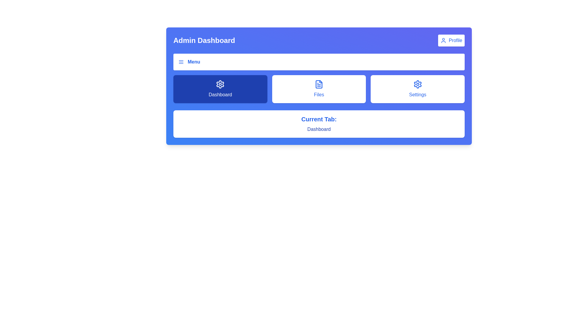 The height and width of the screenshot is (322, 573). I want to click on the 'Settings' button, which is a rectangular button with rounded corners, white background, and blue text below a blue gear icon, located in the third column of a three-column grid below the title bar, so click(417, 89).